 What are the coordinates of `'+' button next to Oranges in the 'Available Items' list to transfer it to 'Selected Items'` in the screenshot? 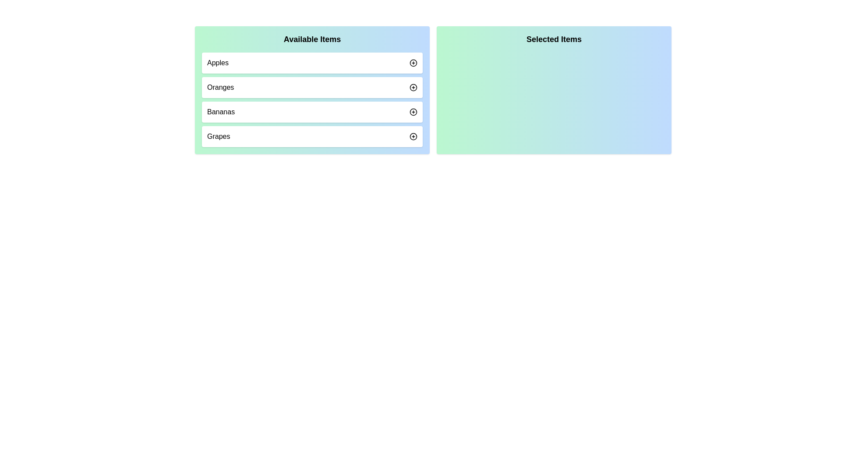 It's located at (413, 88).